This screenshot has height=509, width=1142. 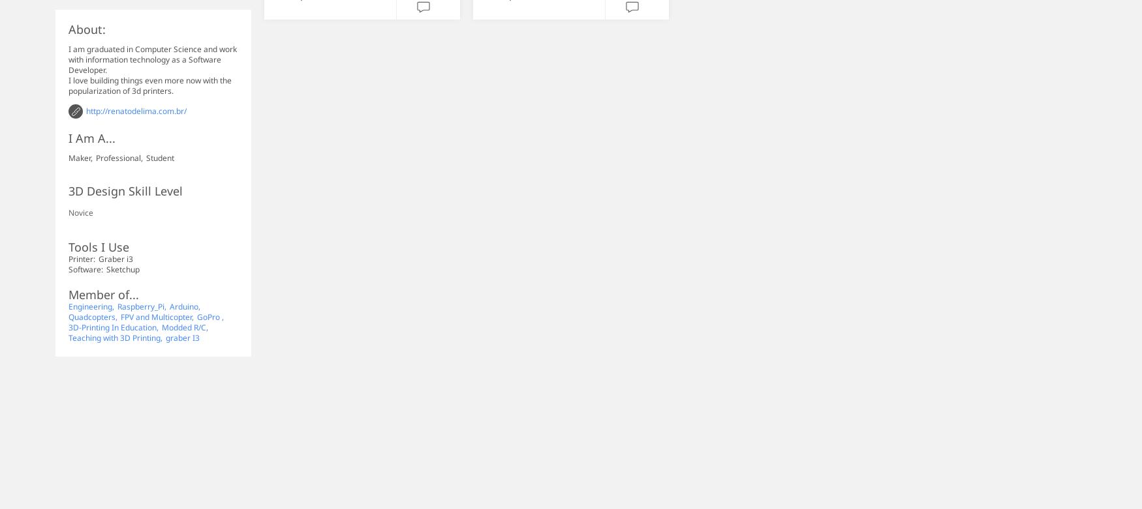 What do you see at coordinates (69, 157) in the screenshot?
I see `'Maker'` at bounding box center [69, 157].